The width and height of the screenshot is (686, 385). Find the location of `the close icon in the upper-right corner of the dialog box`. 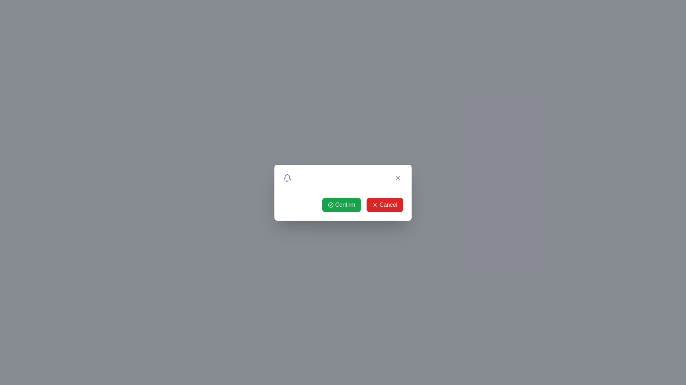

the close icon in the upper-right corner of the dialog box is located at coordinates (397, 177).